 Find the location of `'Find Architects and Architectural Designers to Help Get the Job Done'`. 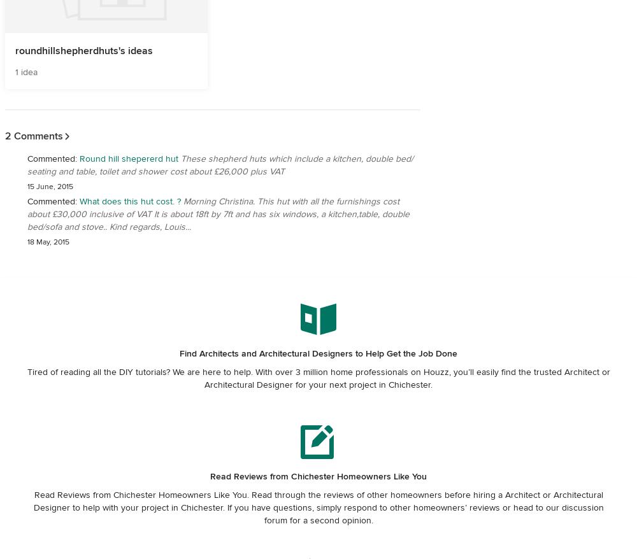

'Find Architects and Architectural Designers to Help Get the Job Done' is located at coordinates (318, 353).